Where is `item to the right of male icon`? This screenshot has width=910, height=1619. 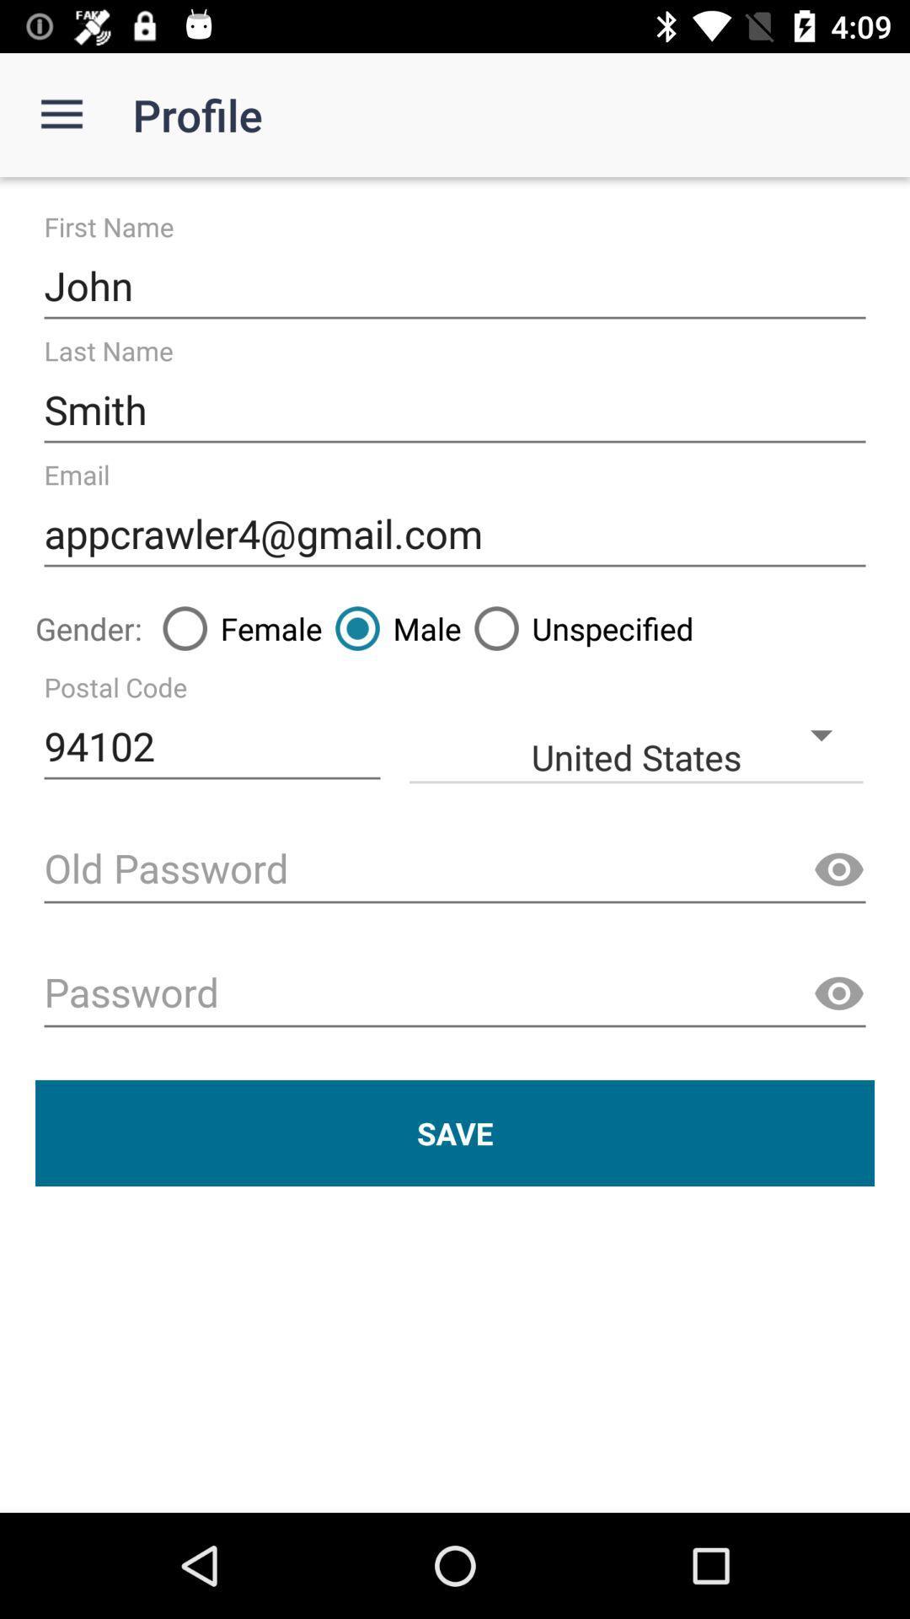 item to the right of male icon is located at coordinates (576, 627).